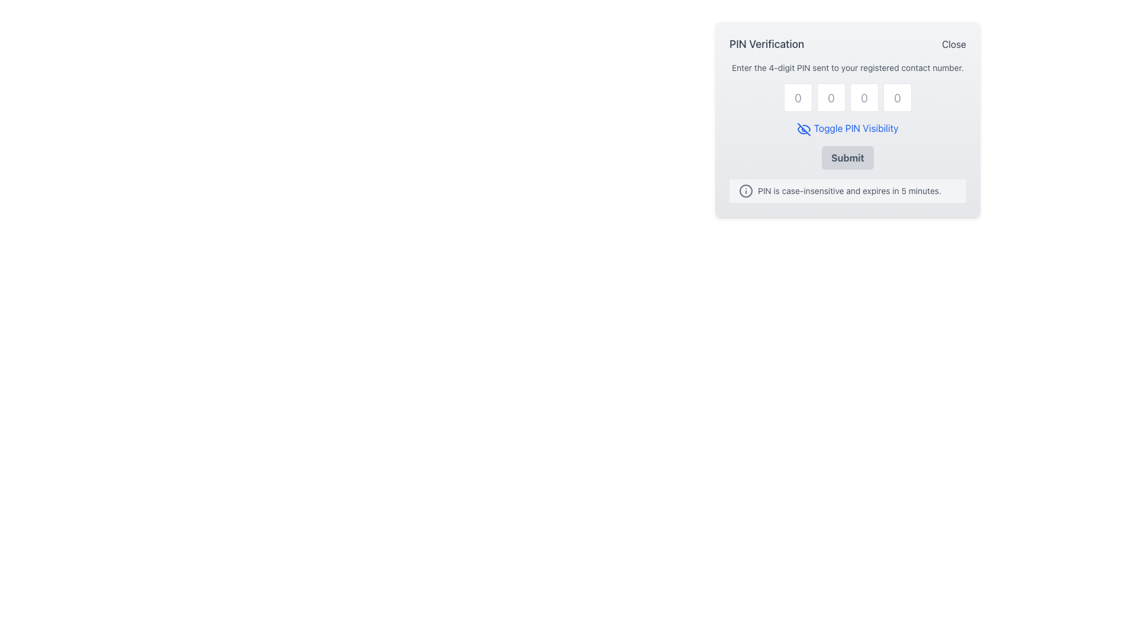  Describe the element at coordinates (848, 190) in the screenshot. I see `the descriptive text element that informs the user about the properties and expiration policy of the PIN in the 'PIN Verification' modal` at that location.